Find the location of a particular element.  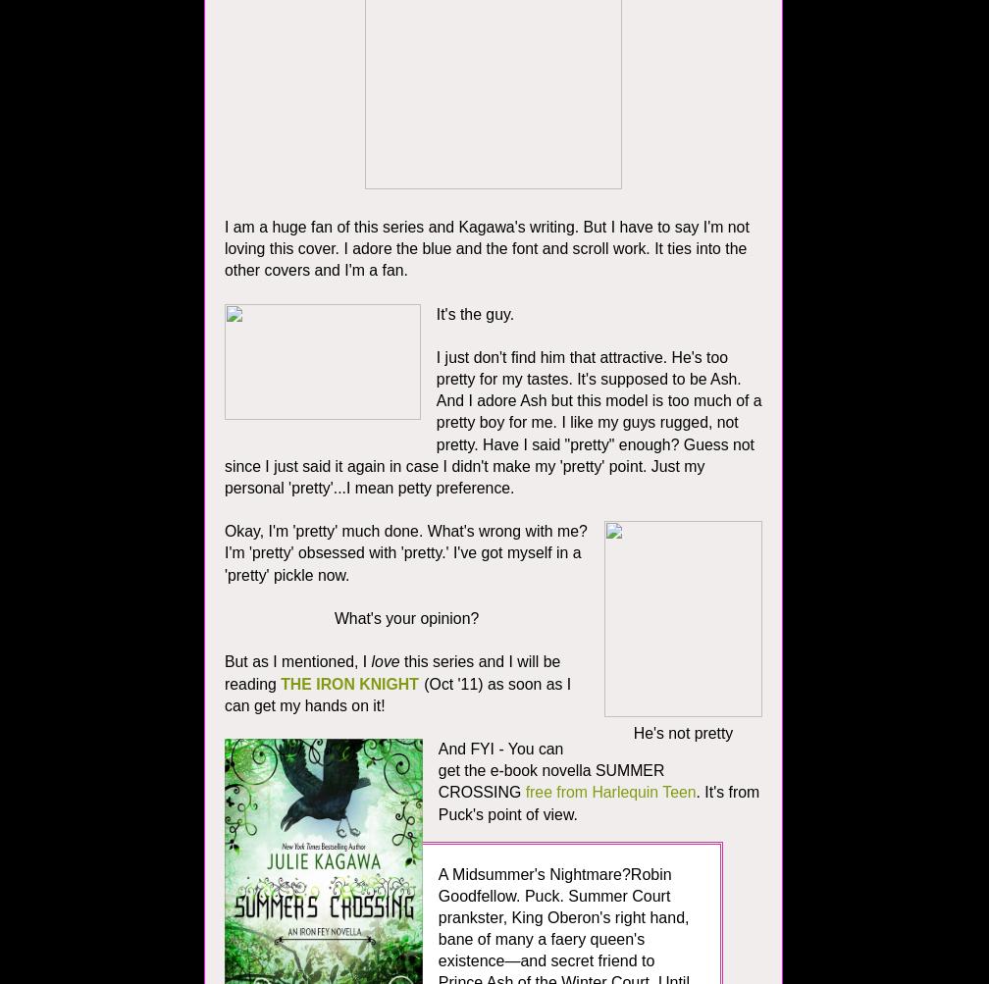

'I just don't find him that attractive. He's too pretty for my tastes. It's supposed to be Ash. And I adore Ash but this model is too much of a pretty boy for me. I like my guys rugged, not pretty.' is located at coordinates (599, 400).